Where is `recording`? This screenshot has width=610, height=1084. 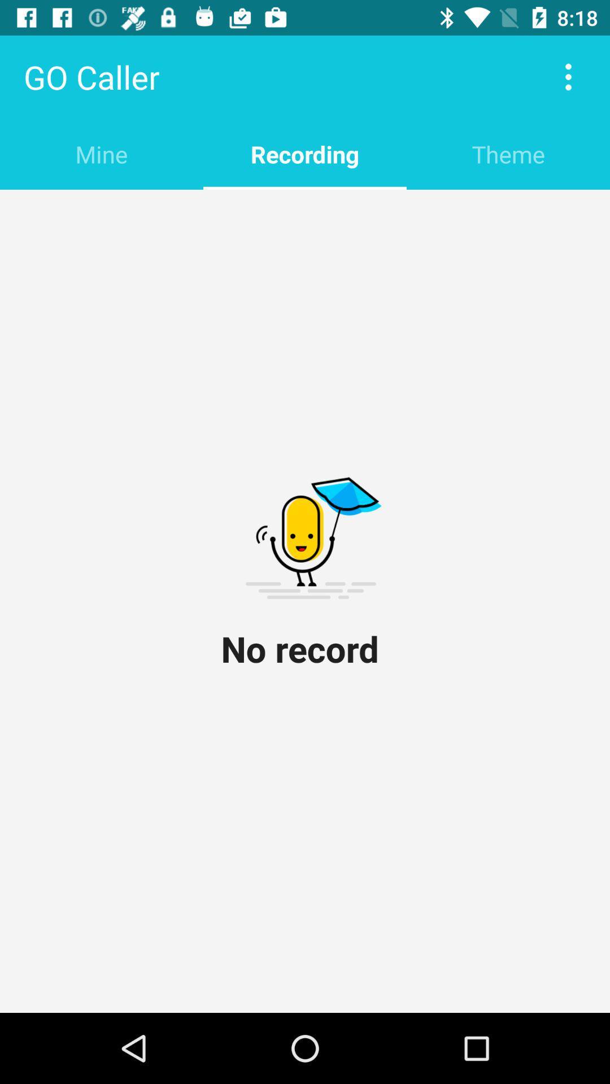 recording is located at coordinates (305, 154).